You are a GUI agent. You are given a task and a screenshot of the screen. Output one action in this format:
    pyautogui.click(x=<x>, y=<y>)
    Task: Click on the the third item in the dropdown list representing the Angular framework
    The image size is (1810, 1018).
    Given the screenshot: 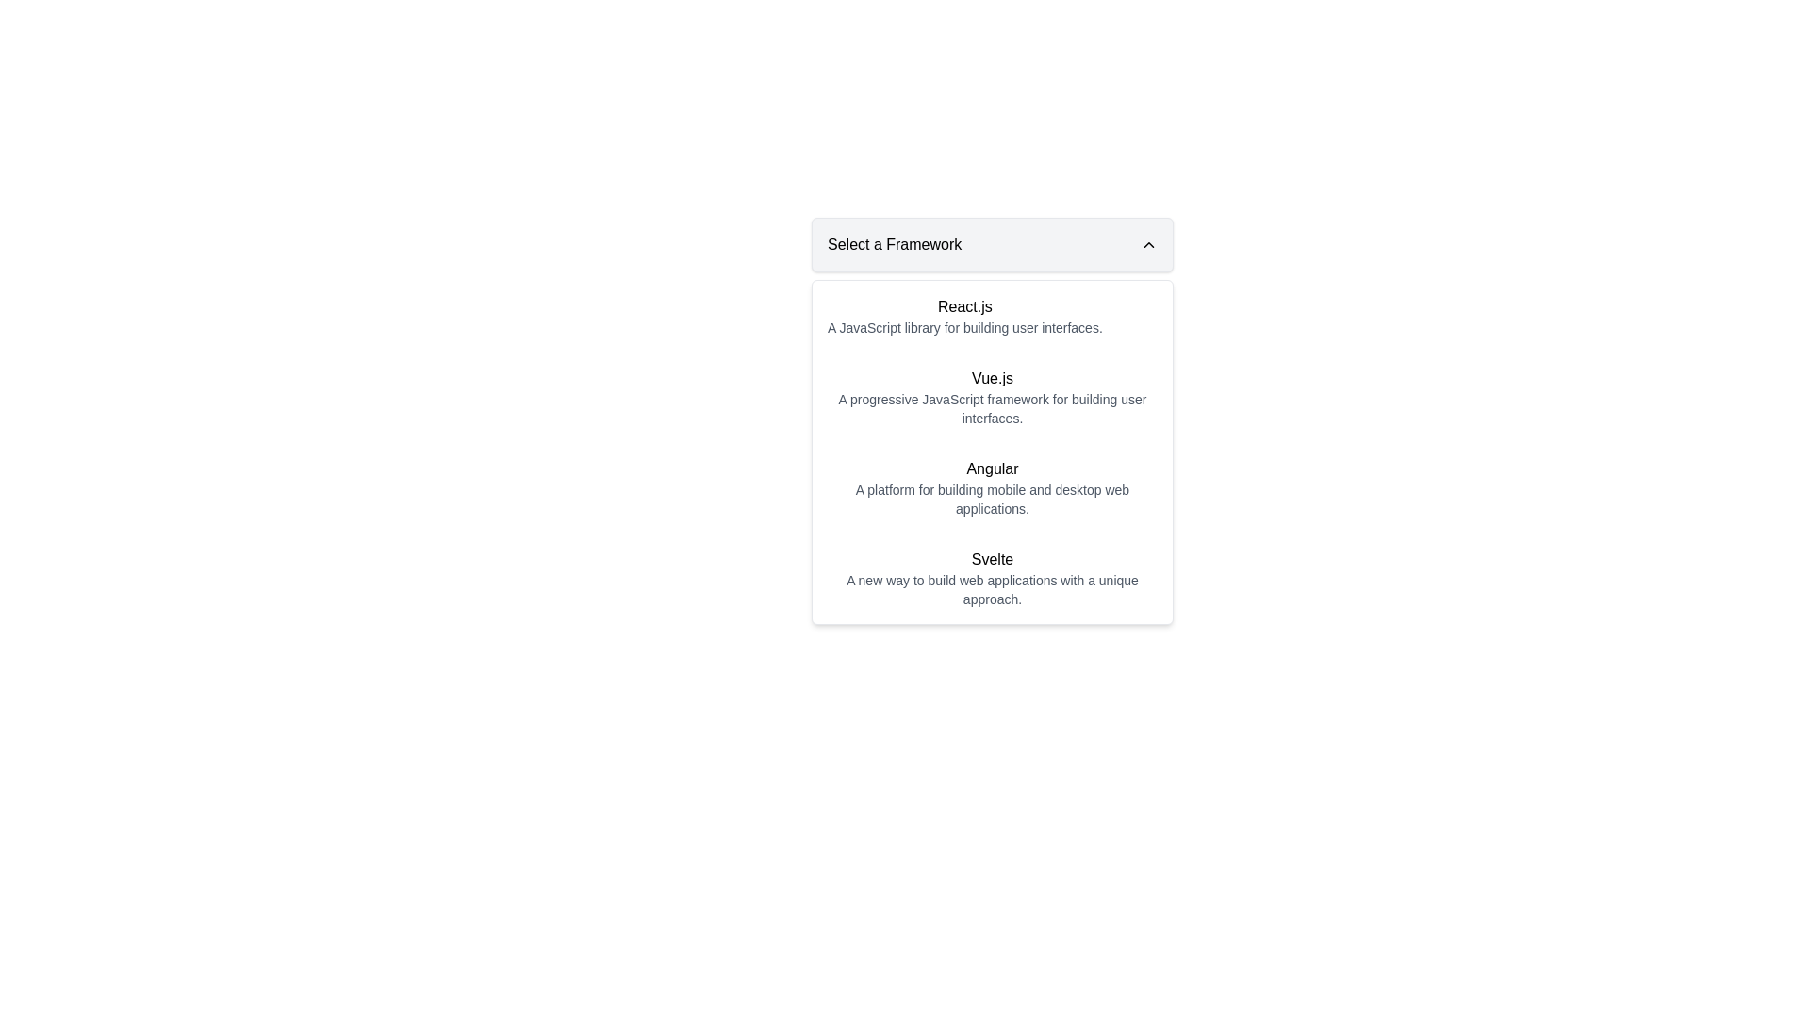 What is the action you would take?
    pyautogui.click(x=991, y=486)
    